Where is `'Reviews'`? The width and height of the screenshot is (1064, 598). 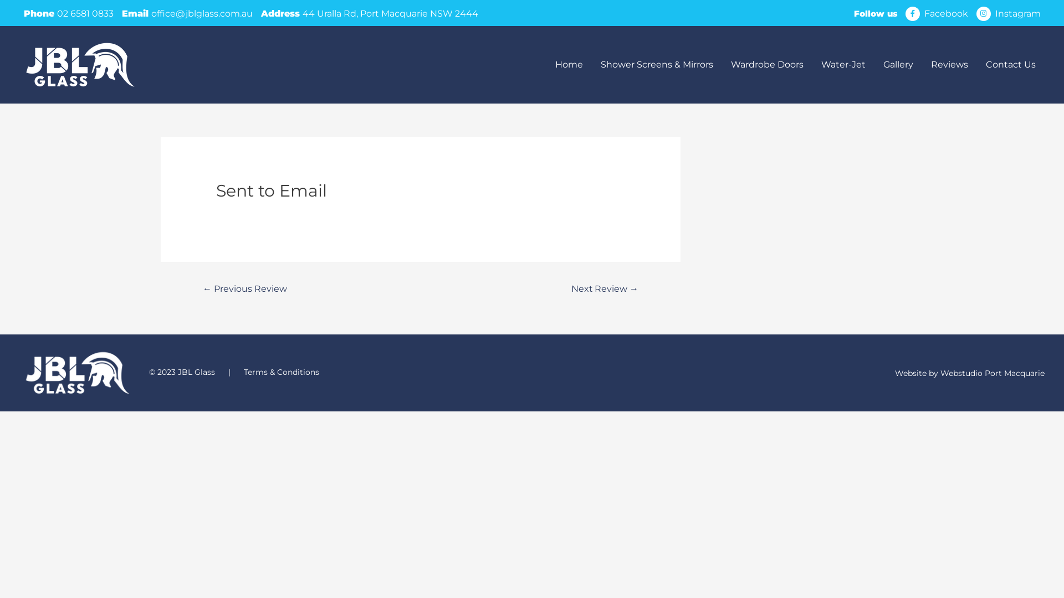
'Reviews' is located at coordinates (949, 64).